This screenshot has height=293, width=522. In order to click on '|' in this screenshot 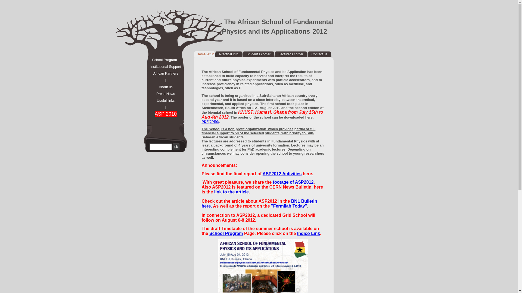, I will do `click(163, 80)`.